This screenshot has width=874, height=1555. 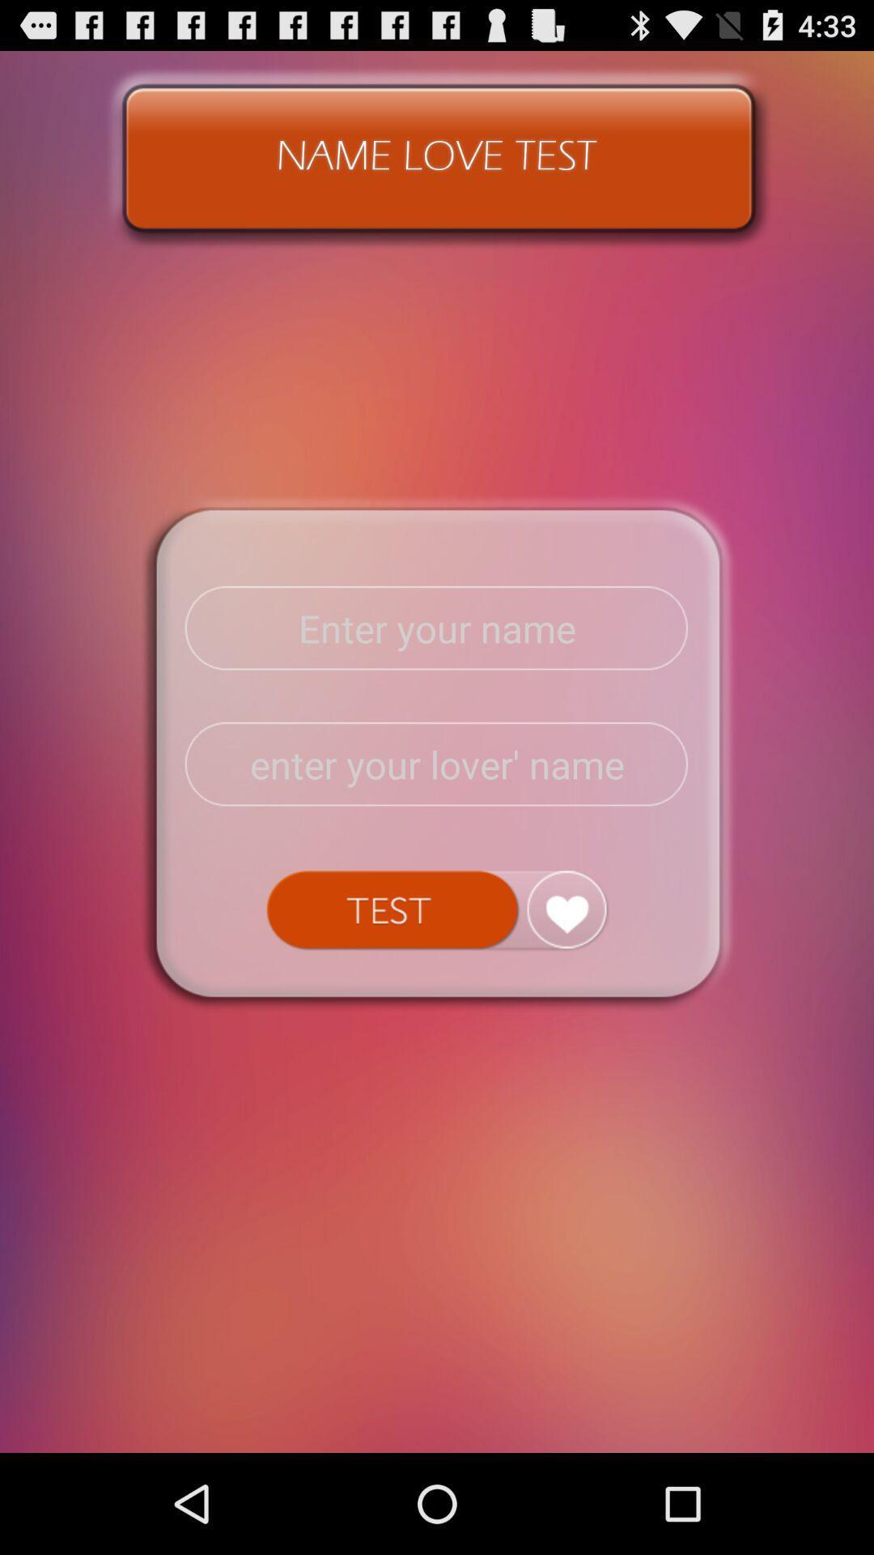 I want to click on name of lover, so click(x=437, y=764).